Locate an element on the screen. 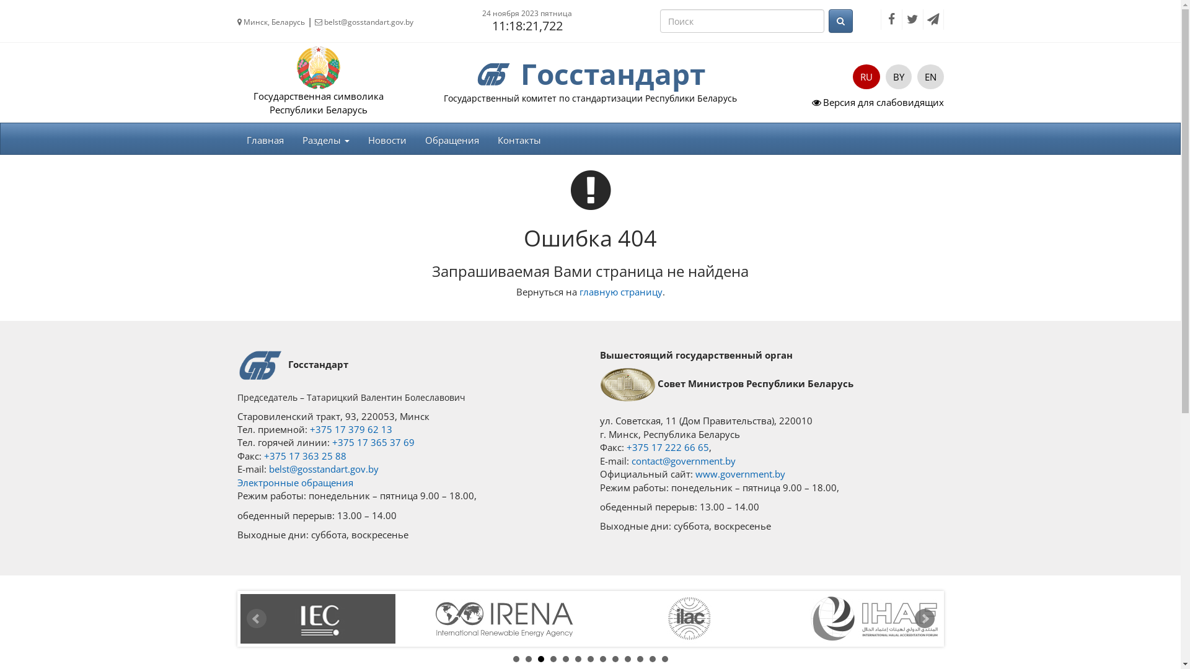 This screenshot has height=669, width=1190. '12' is located at coordinates (651, 658).